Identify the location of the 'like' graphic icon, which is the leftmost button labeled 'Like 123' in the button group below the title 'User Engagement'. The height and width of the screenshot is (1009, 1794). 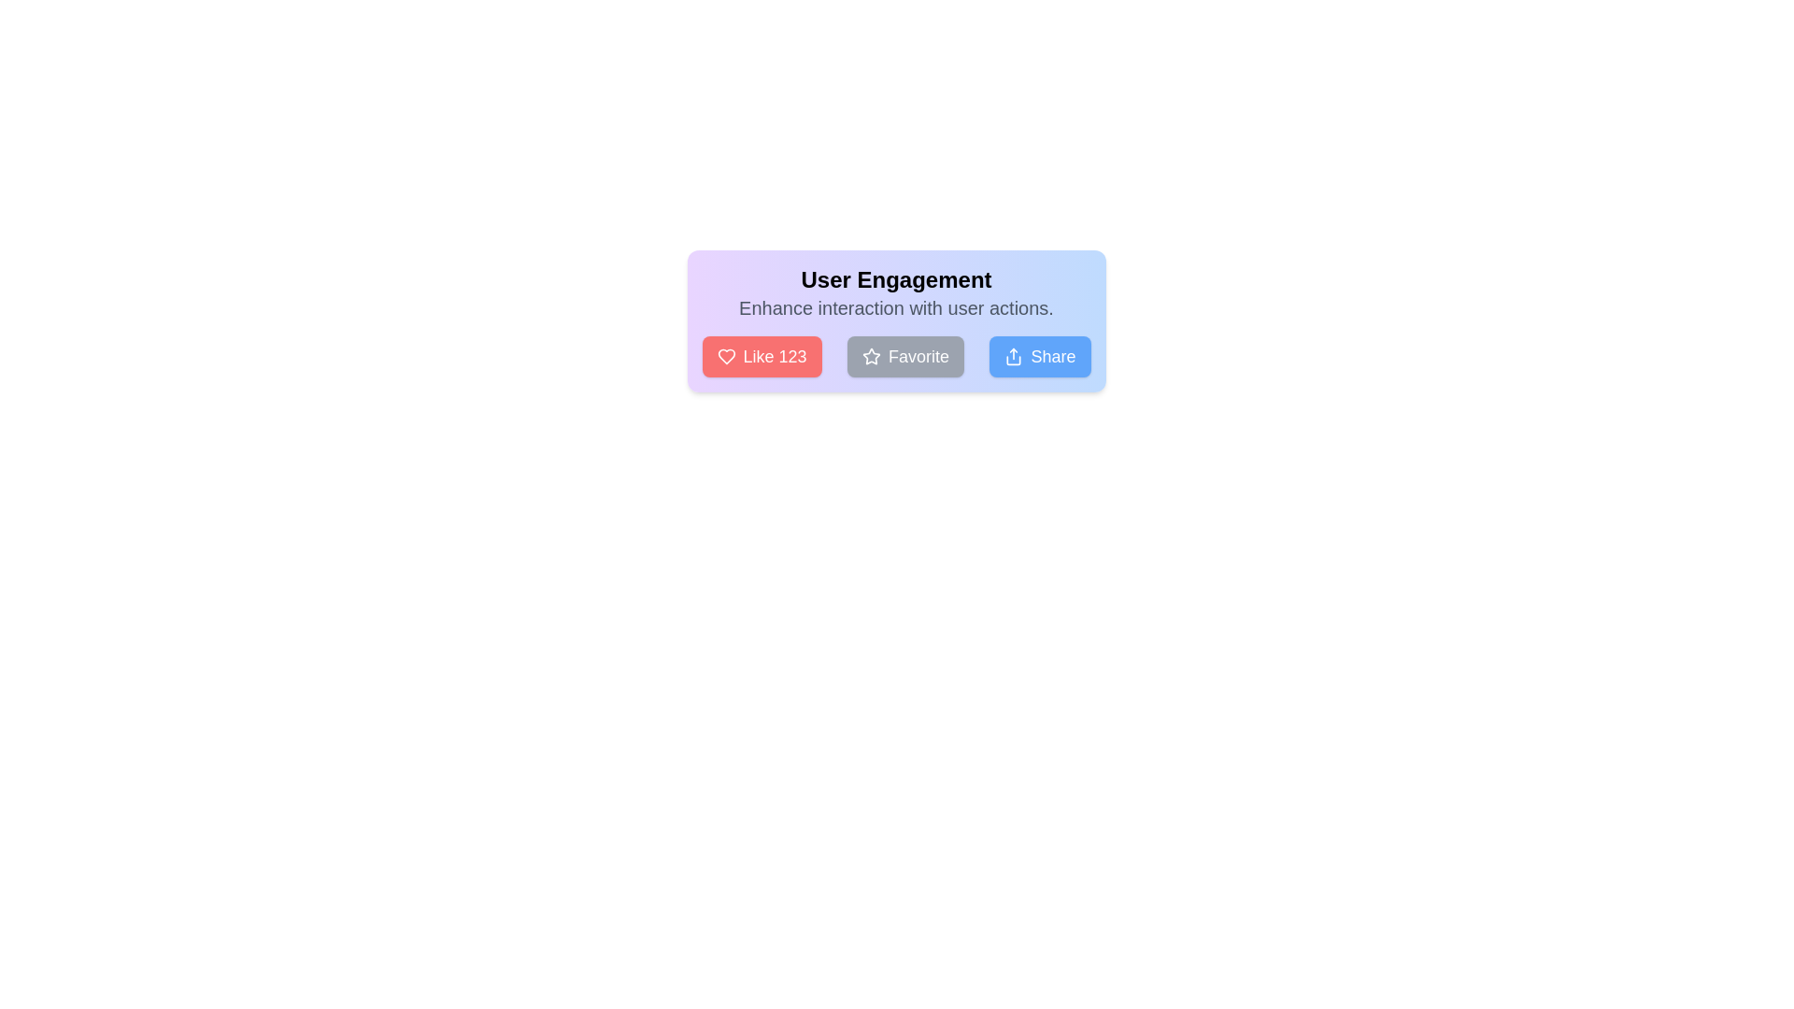
(725, 356).